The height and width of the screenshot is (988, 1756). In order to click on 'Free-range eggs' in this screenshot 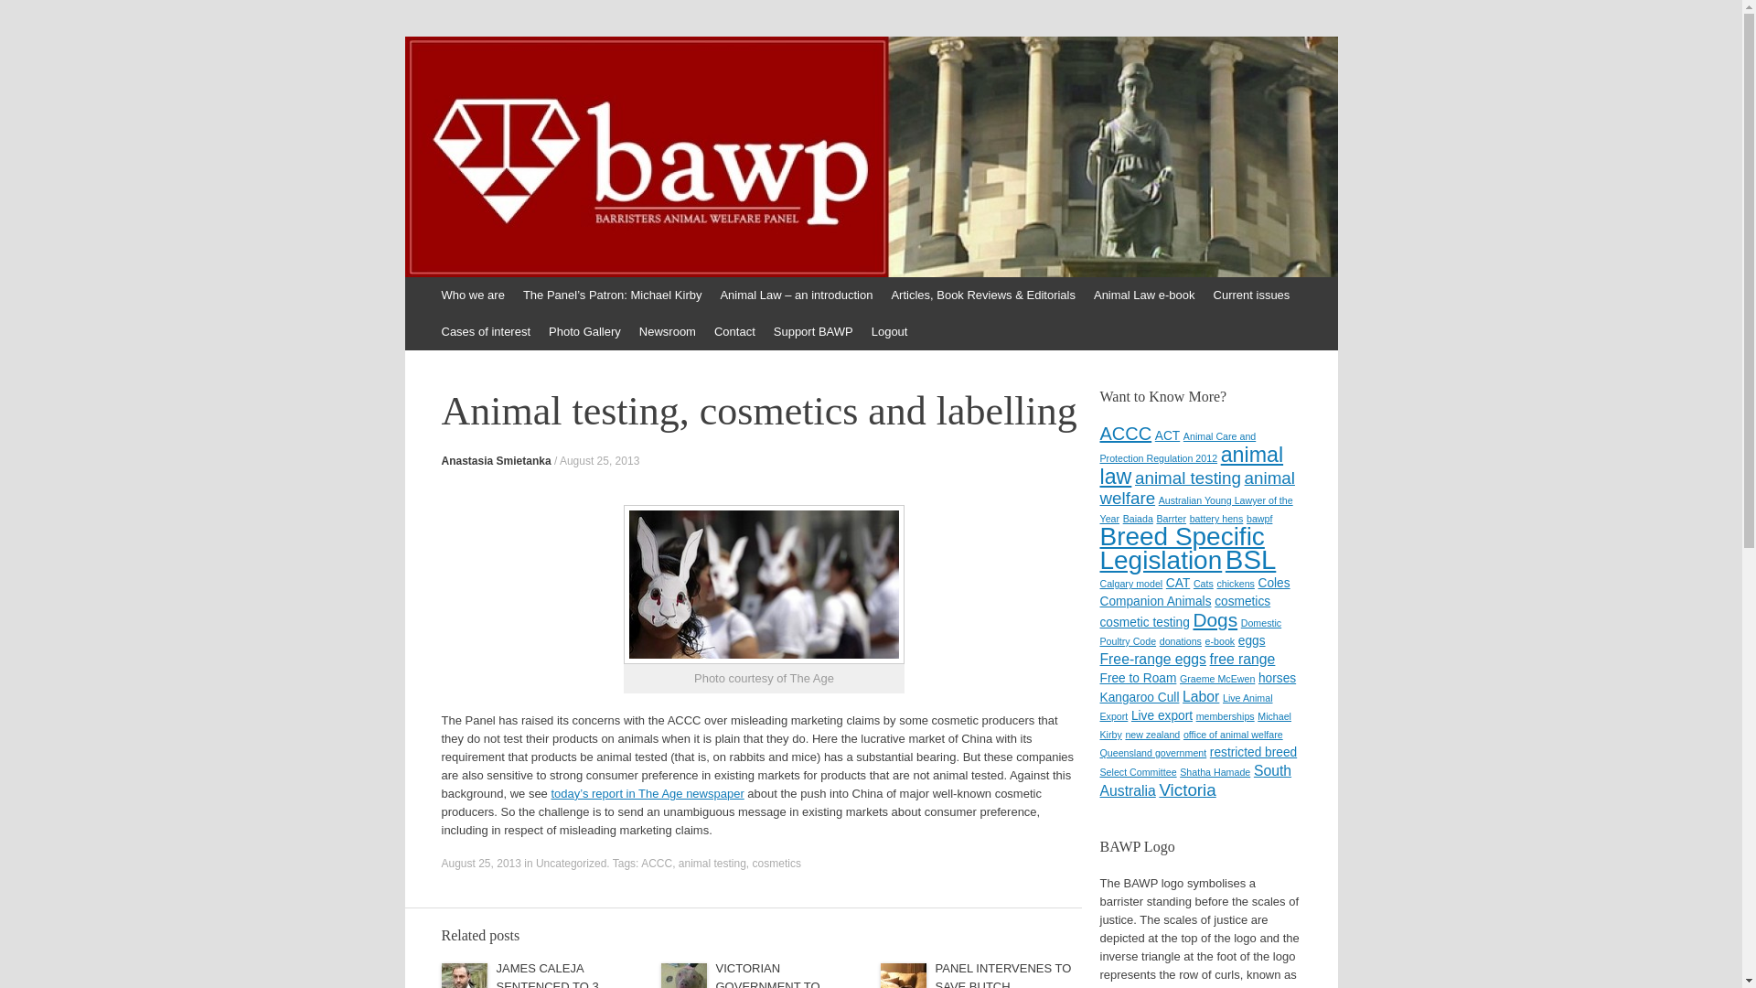, I will do `click(1097, 659)`.